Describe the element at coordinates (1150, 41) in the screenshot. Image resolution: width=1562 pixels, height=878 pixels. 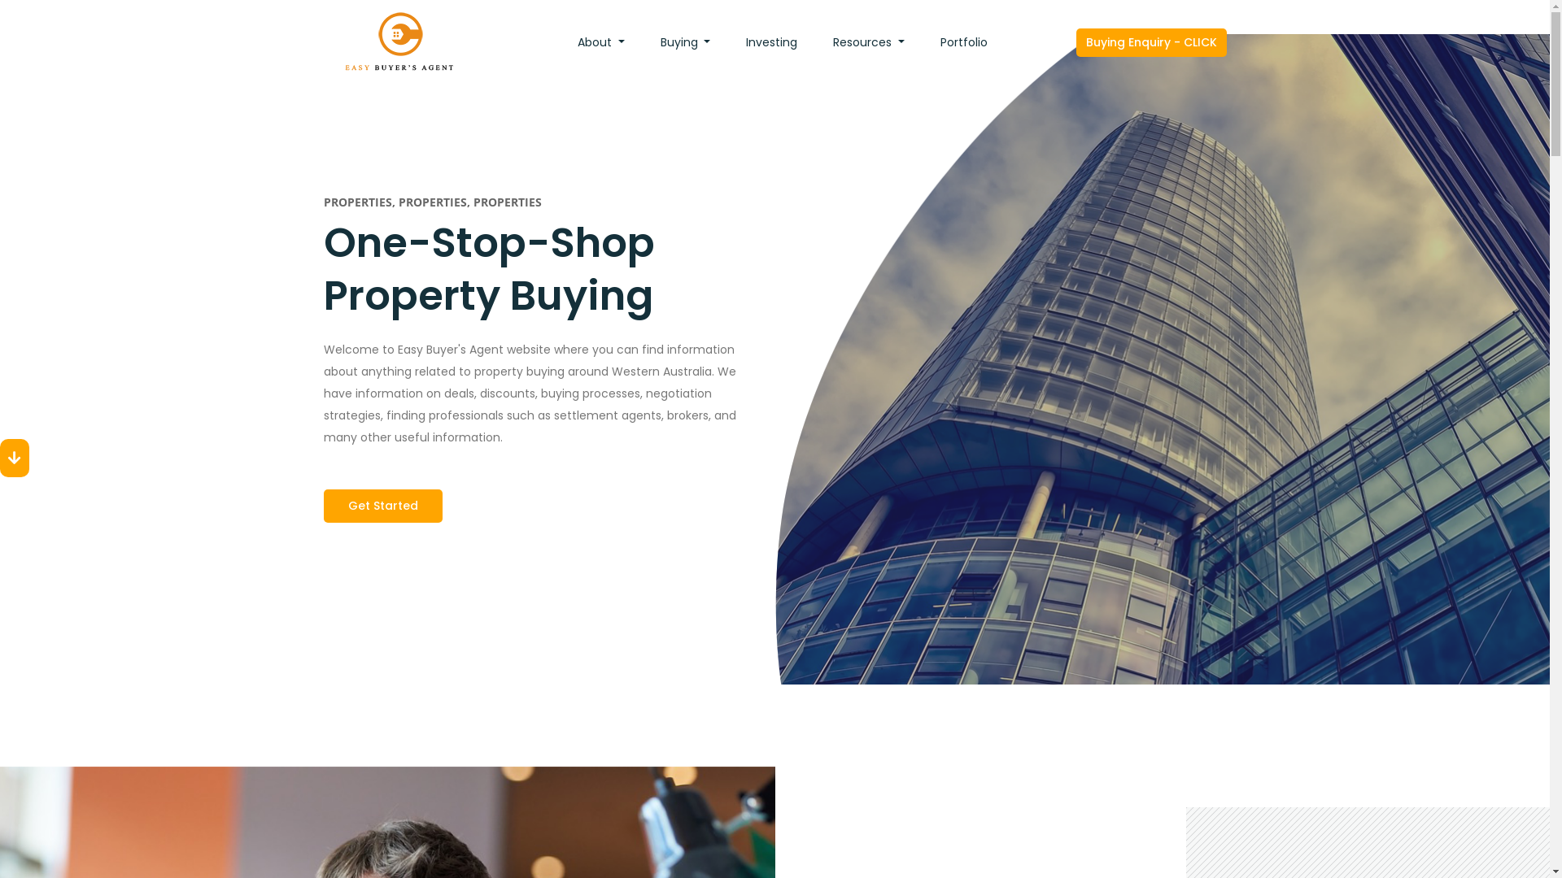
I see `'Buying Enquiry - CLICK'` at that location.